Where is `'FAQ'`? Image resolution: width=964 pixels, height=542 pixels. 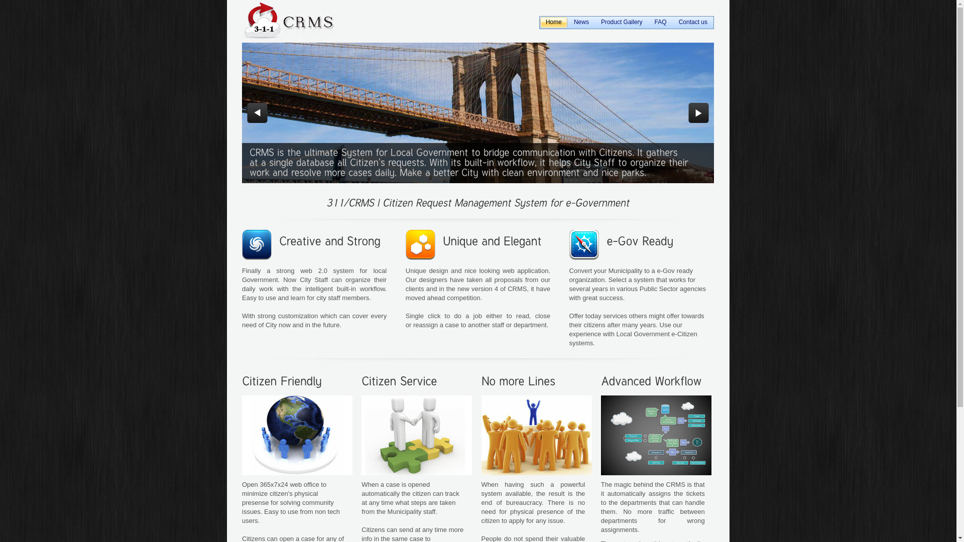
'FAQ' is located at coordinates (648, 23).